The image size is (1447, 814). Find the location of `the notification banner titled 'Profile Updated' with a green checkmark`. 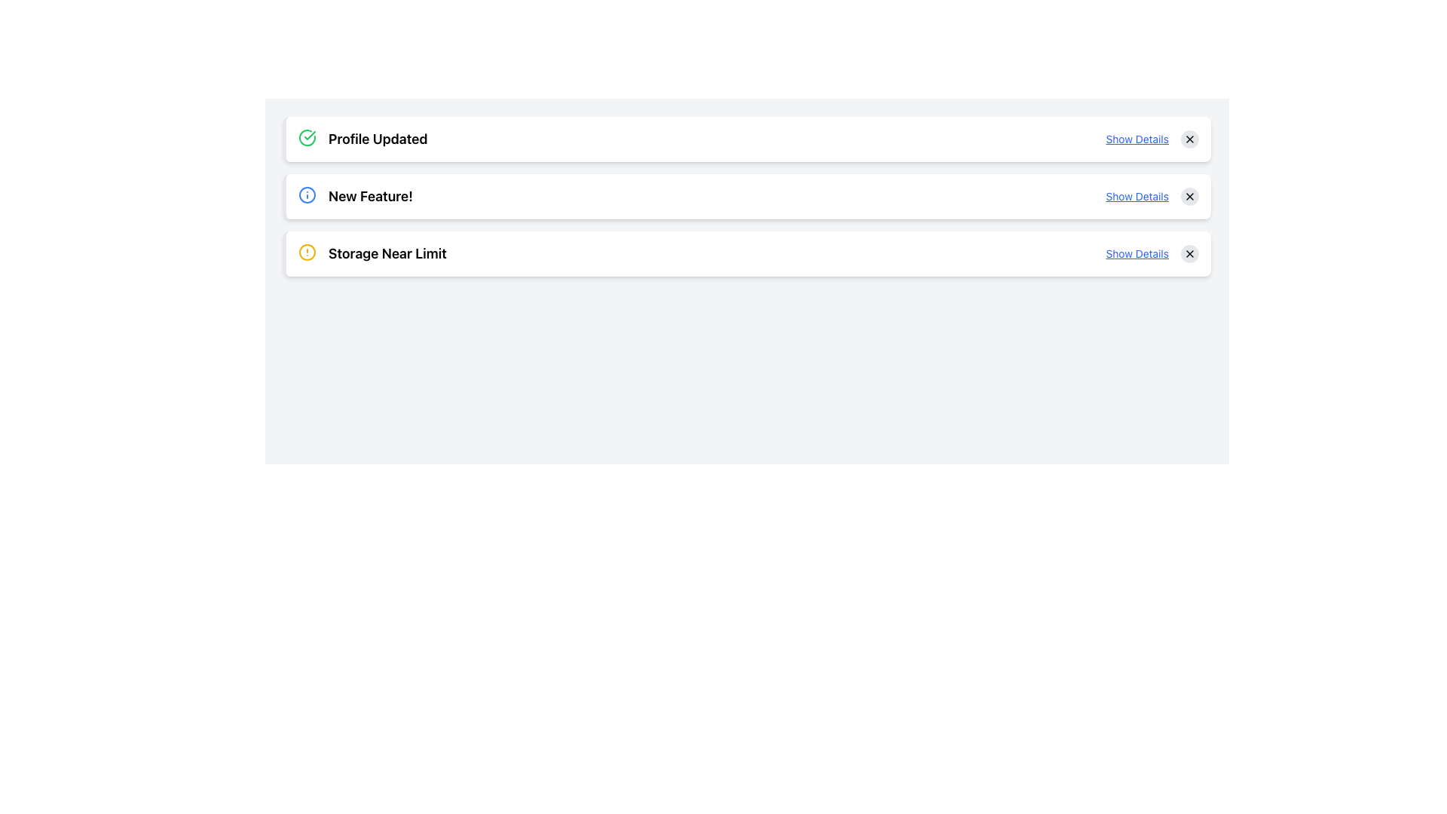

the notification banner titled 'Profile Updated' with a green checkmark is located at coordinates (363, 139).